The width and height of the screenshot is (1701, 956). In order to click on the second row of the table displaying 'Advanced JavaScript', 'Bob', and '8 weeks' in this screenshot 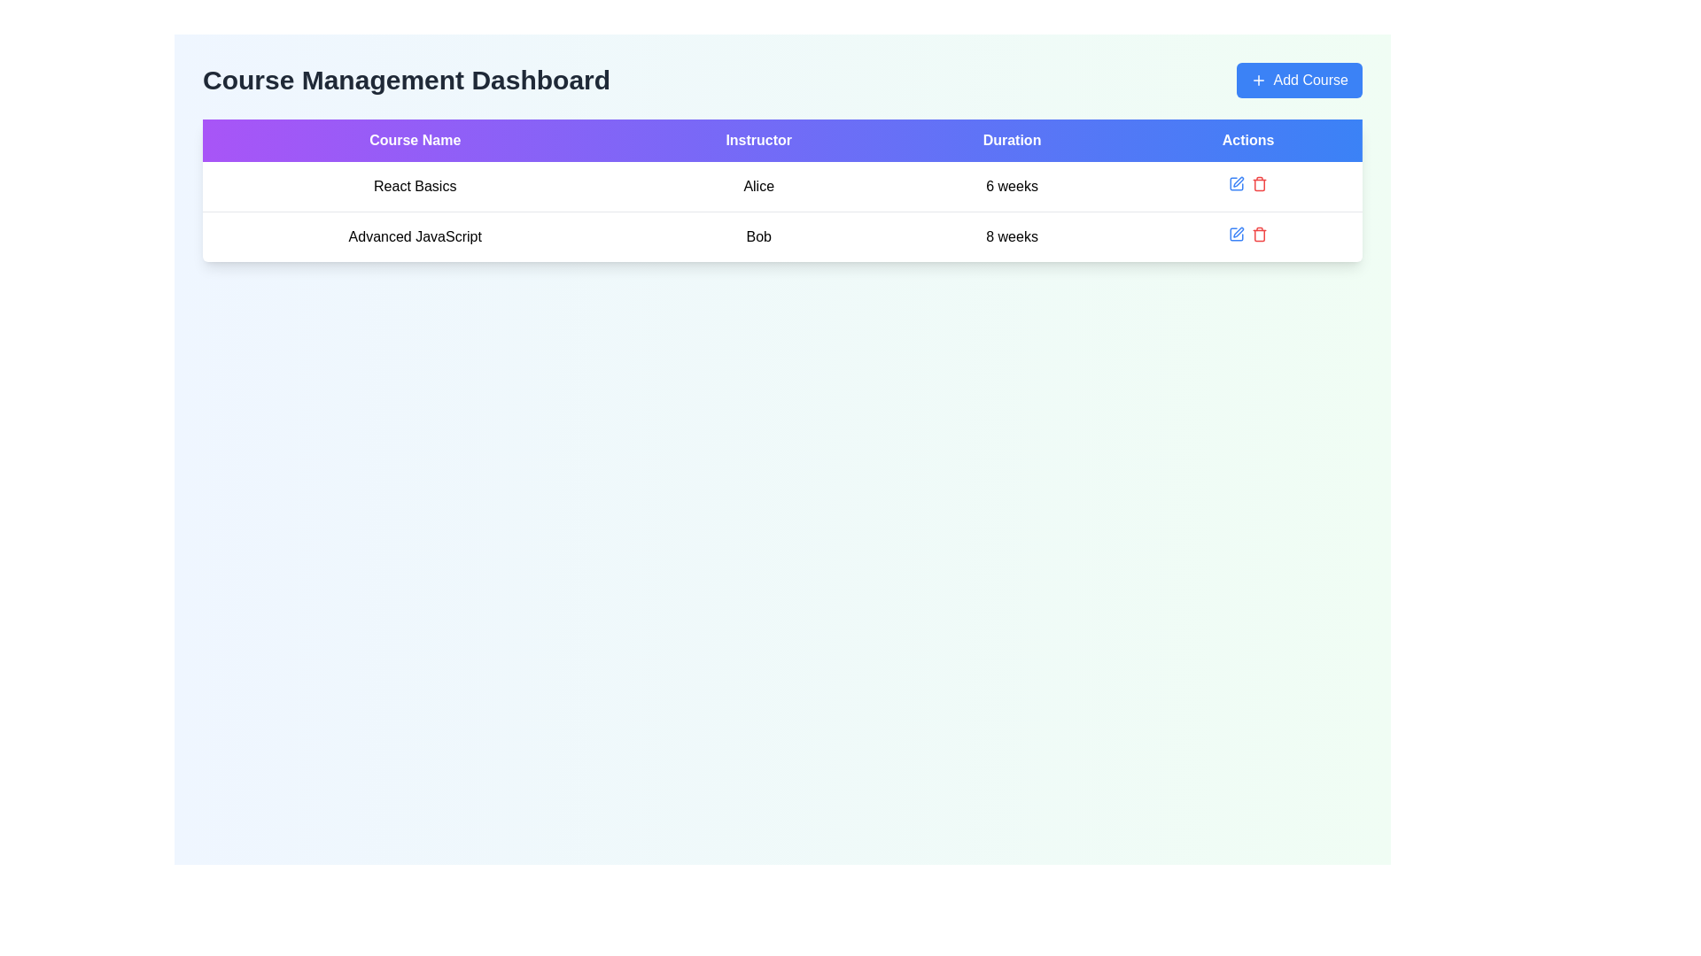, I will do `click(781, 235)`.